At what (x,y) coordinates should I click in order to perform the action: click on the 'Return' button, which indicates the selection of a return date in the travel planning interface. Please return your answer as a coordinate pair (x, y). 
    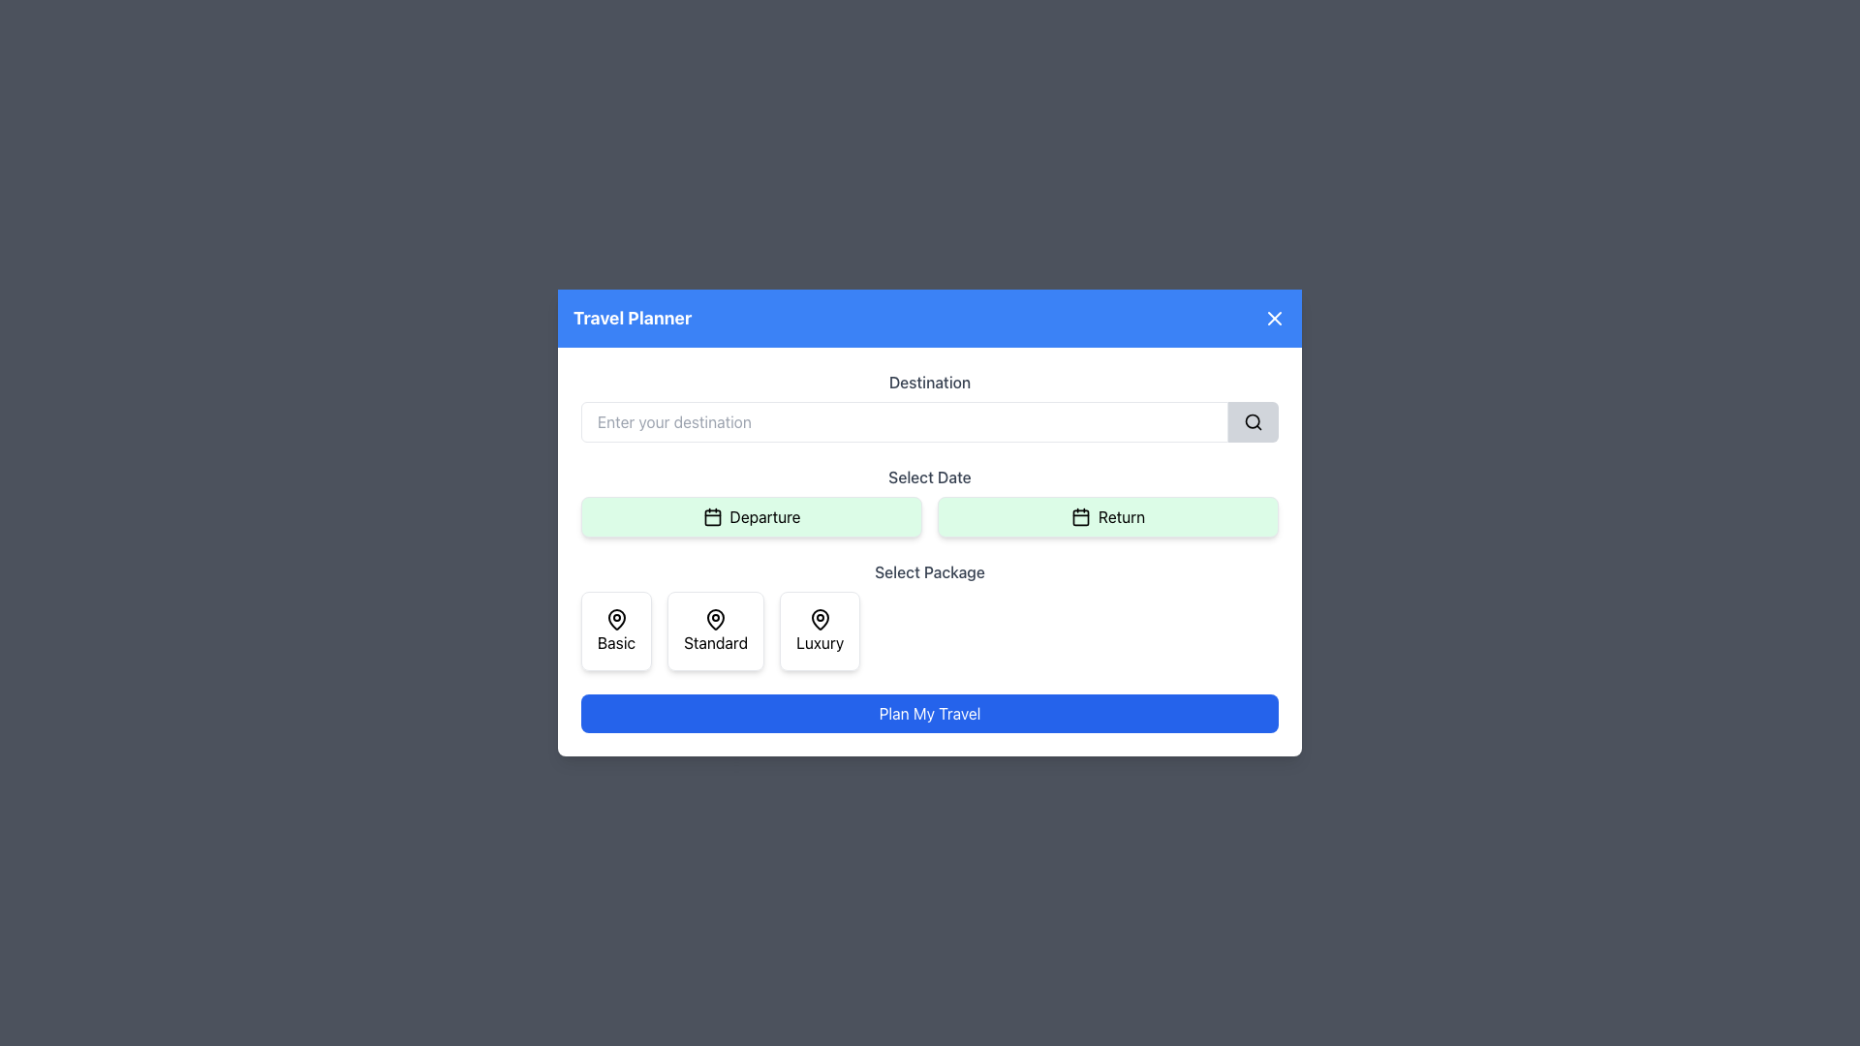
    Looking at the image, I should click on (1121, 515).